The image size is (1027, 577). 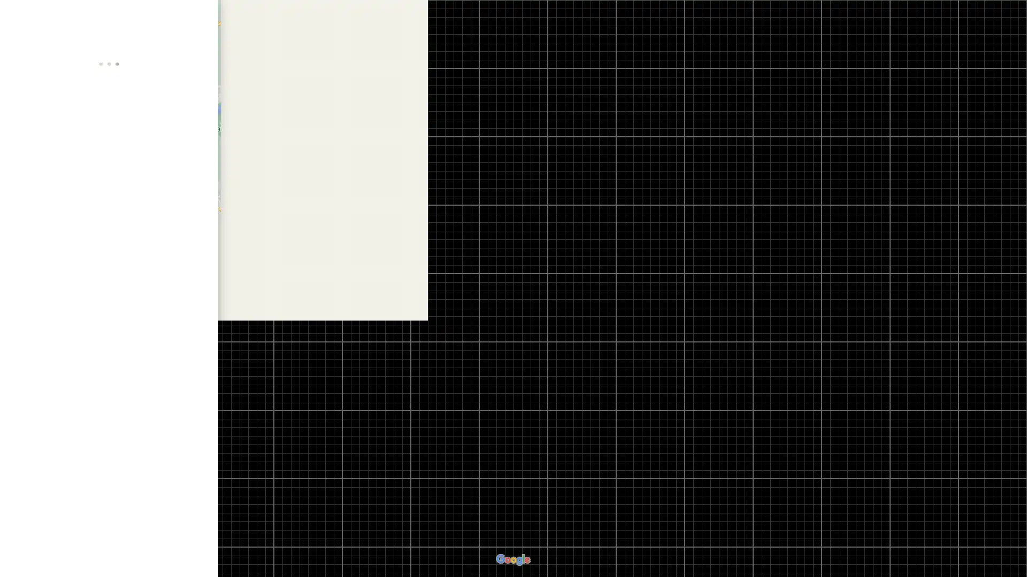 I want to click on Send TOVARNA.CZ, s.r.o. to your phone, so click(x=147, y=213).